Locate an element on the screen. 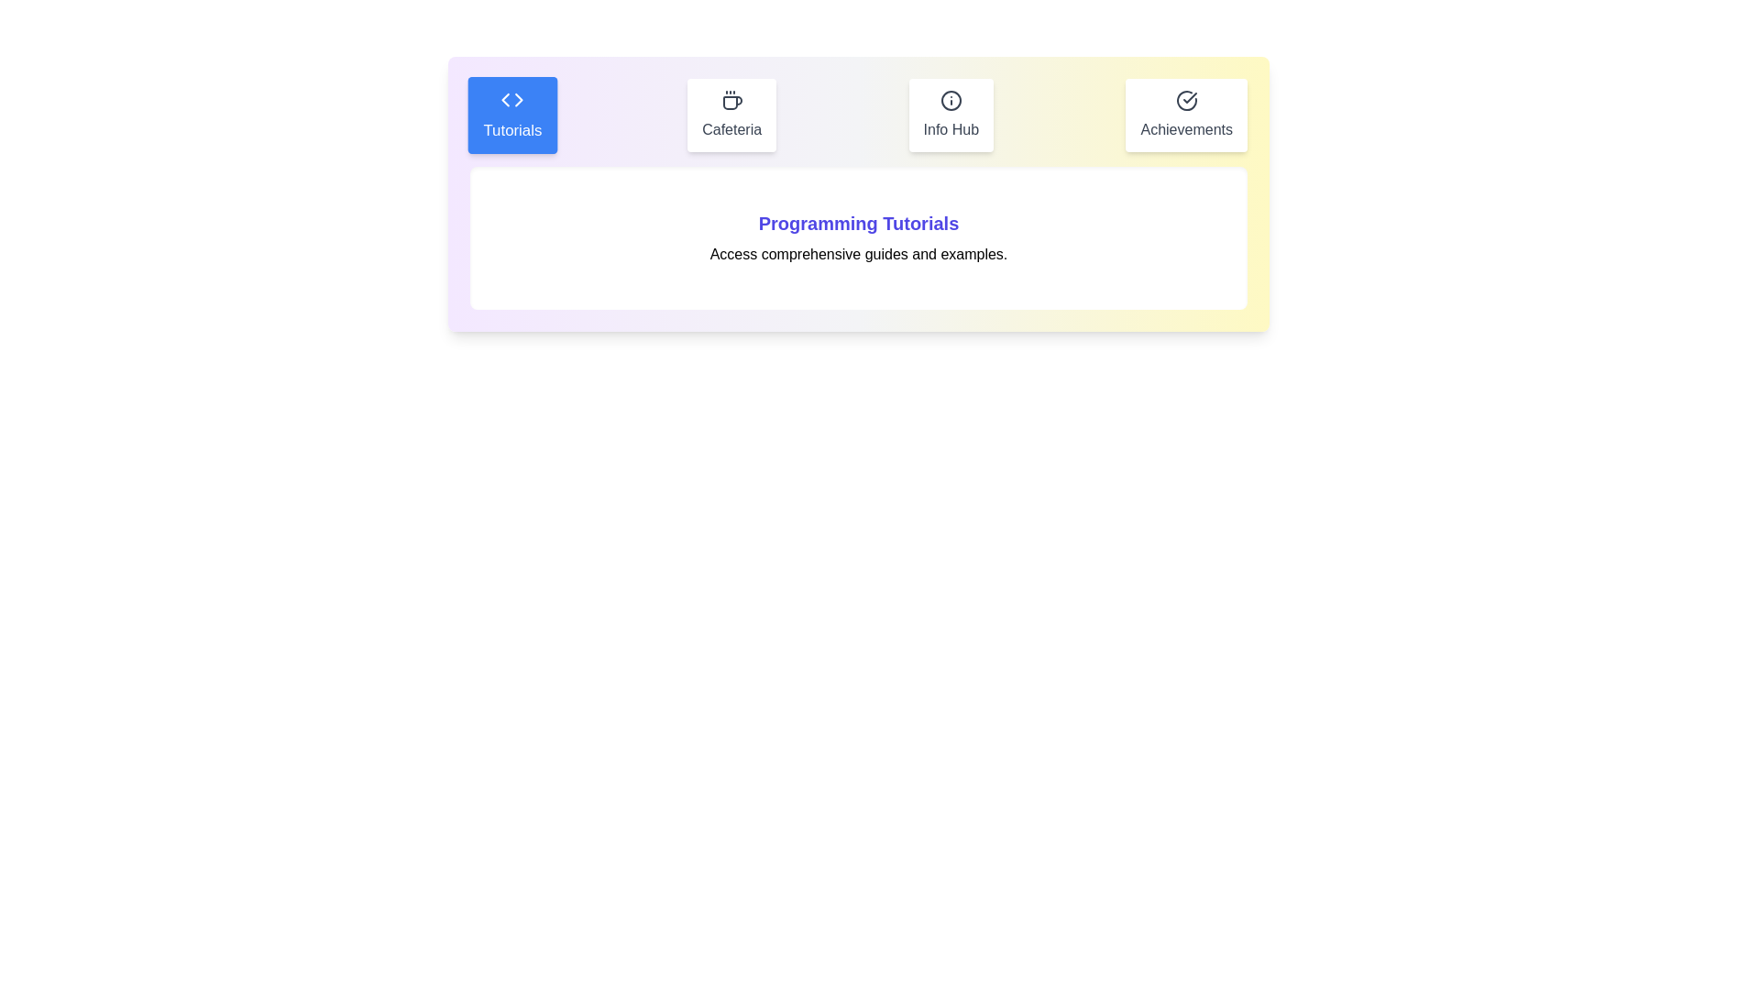 The height and width of the screenshot is (990, 1760). the Tutorials tab to switch to its content is located at coordinates (511, 115).